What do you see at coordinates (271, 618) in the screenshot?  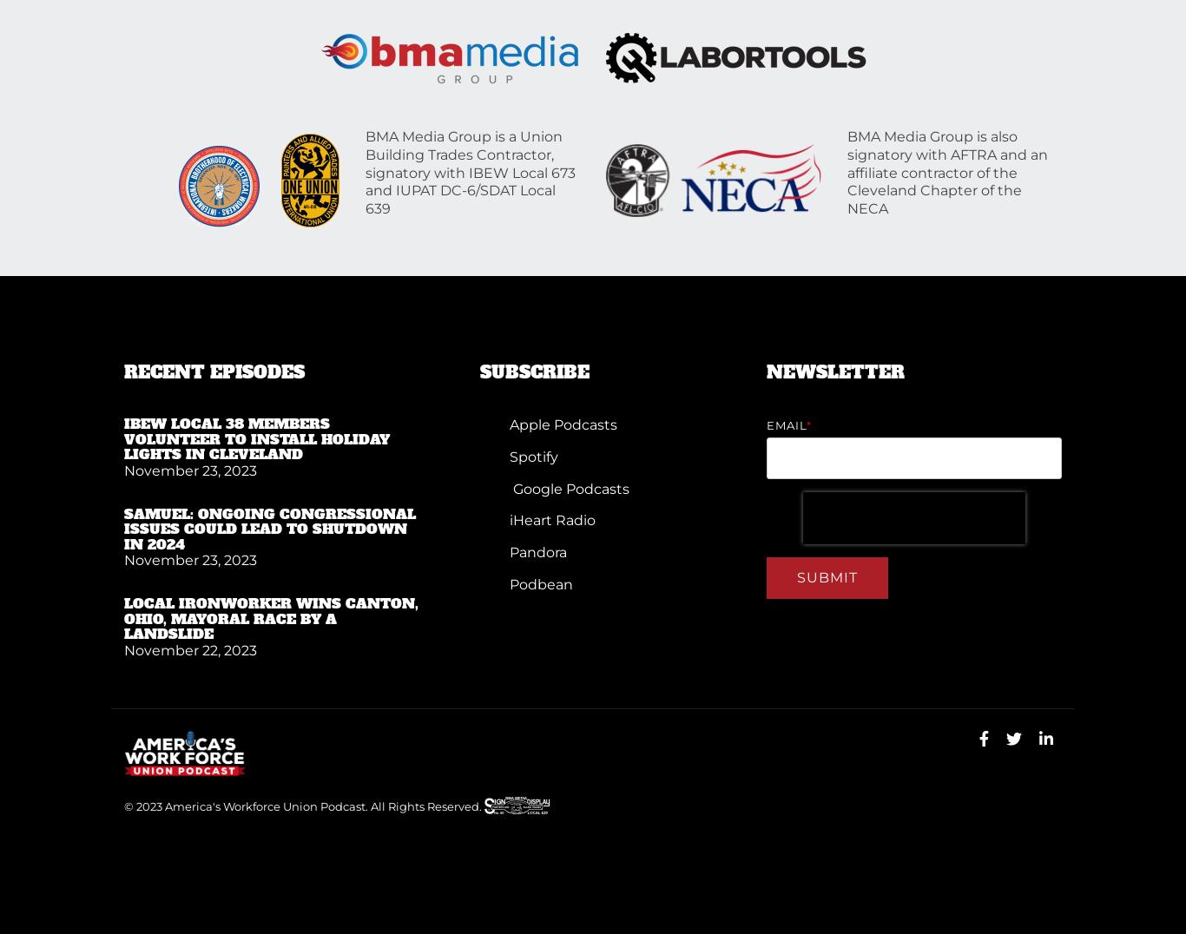 I see `'Local Ironworker wins Canton, Ohio, Mayoral race by a landslide'` at bounding box center [271, 618].